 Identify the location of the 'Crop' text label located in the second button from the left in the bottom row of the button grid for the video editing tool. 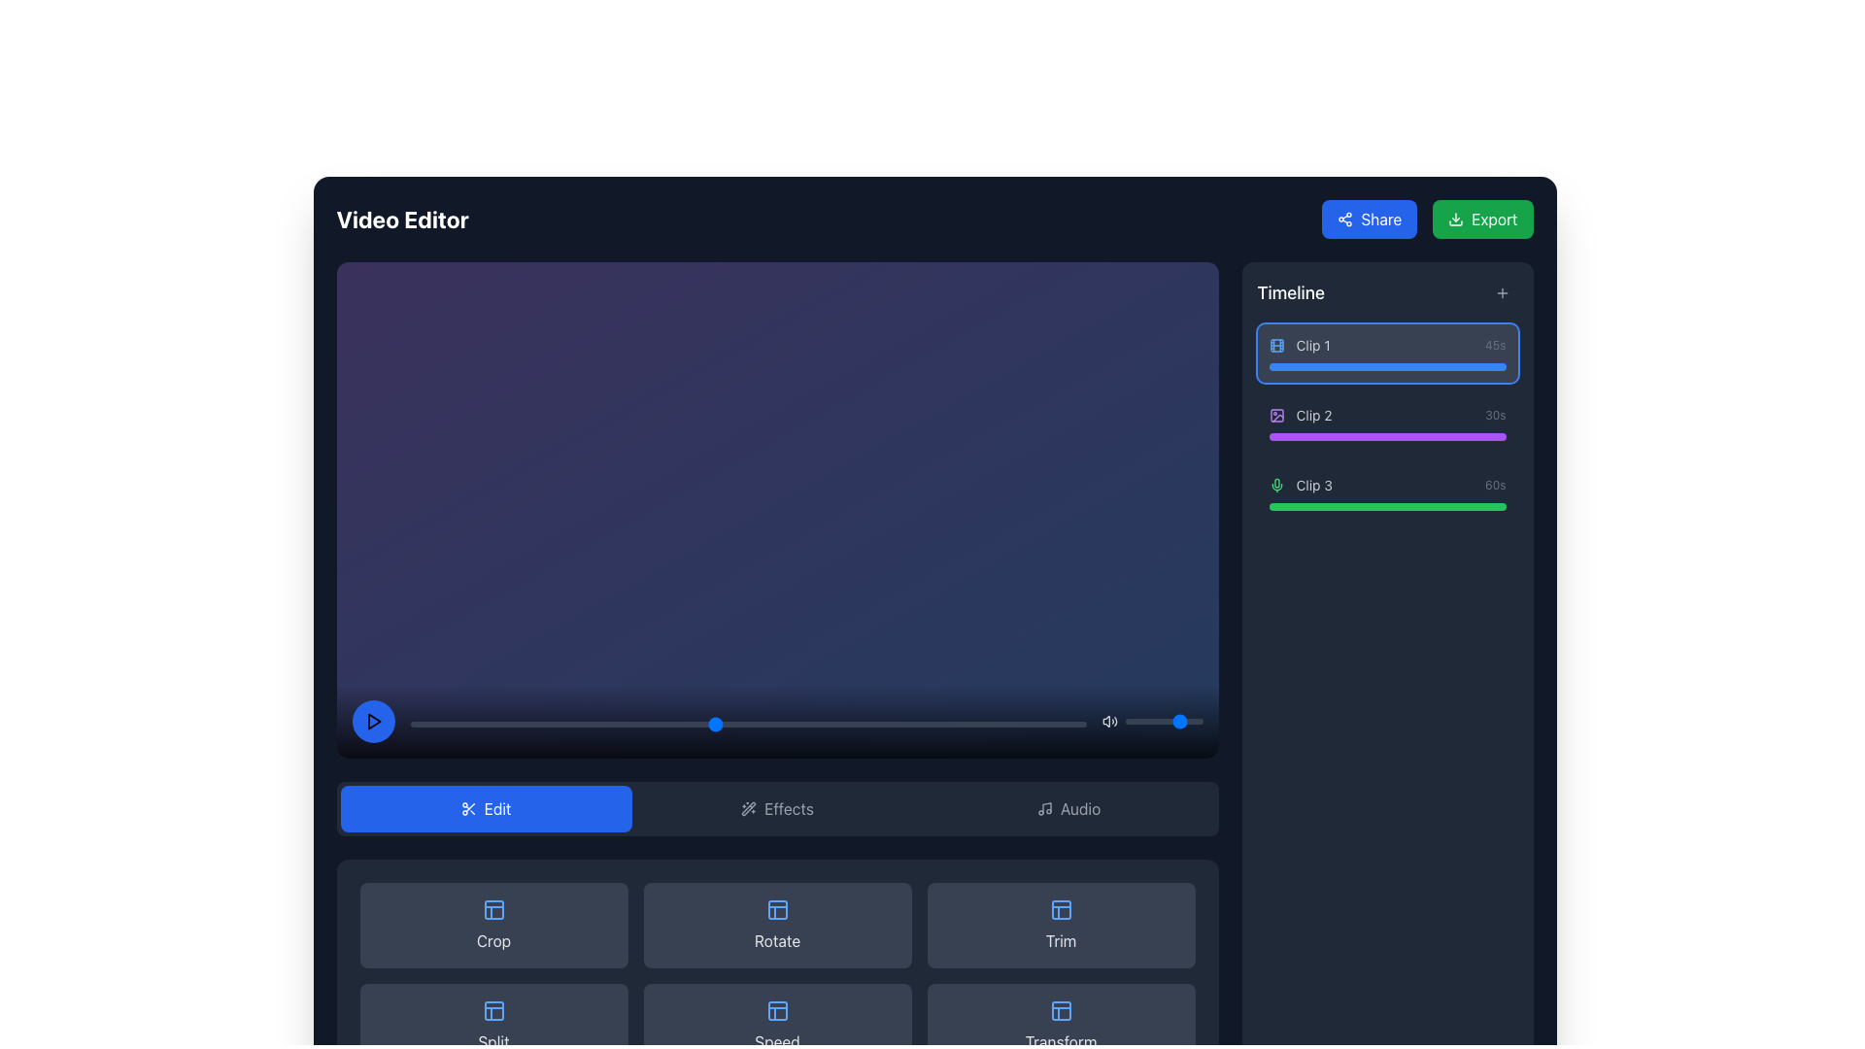
(493, 939).